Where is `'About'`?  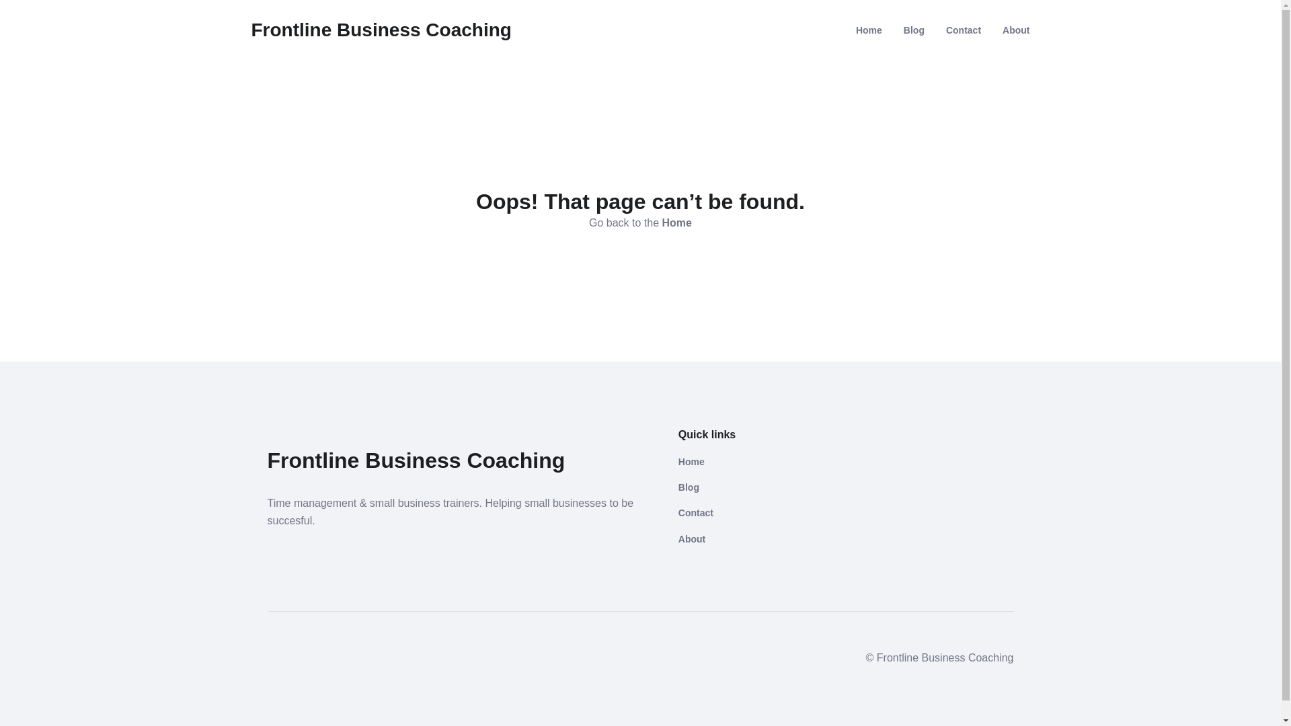
'About' is located at coordinates (754, 538).